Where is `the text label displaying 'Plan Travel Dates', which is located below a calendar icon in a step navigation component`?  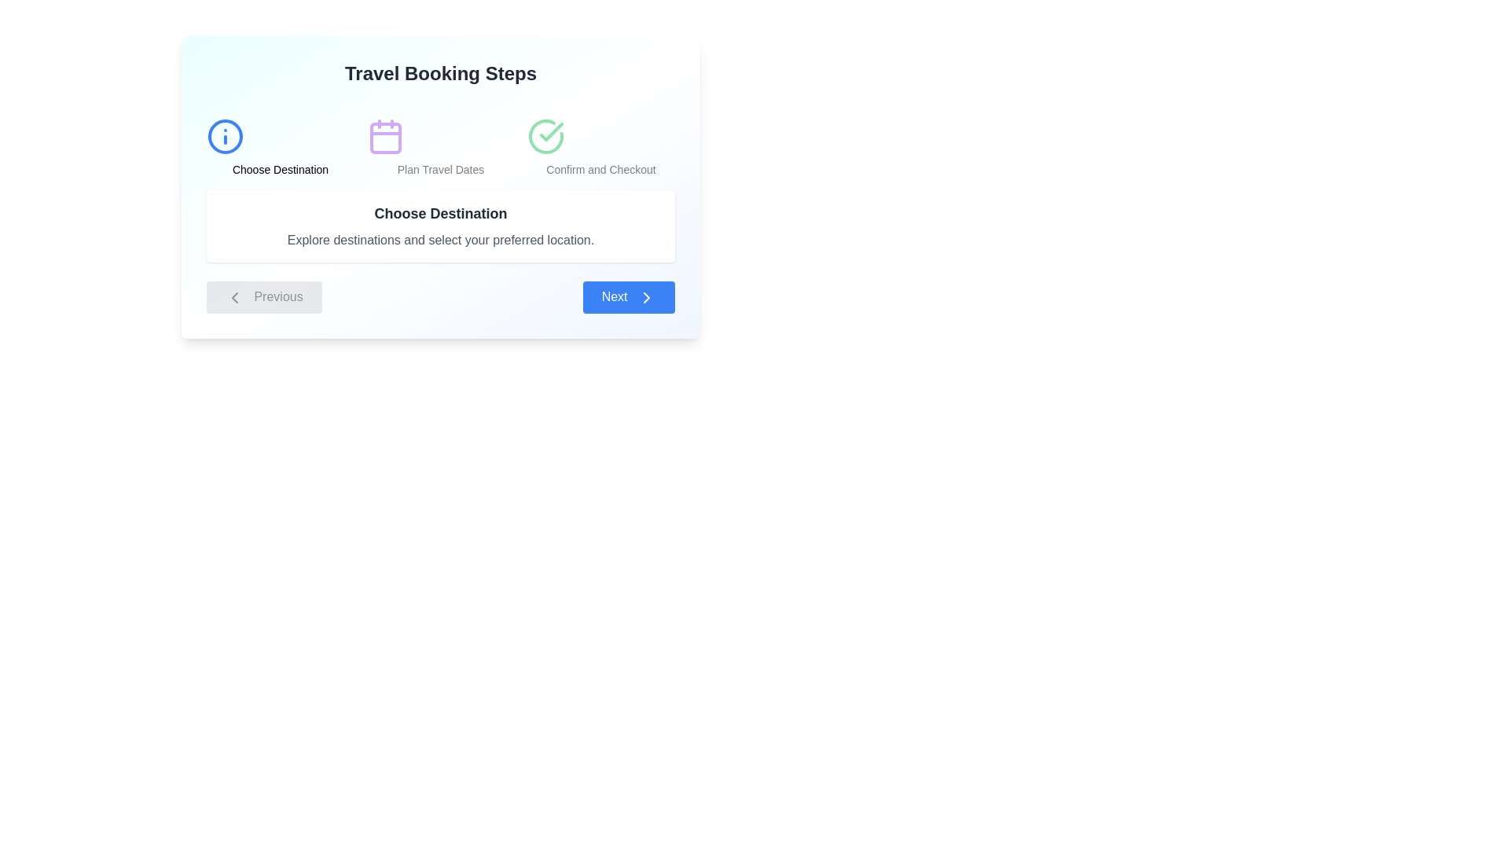
the text label displaying 'Plan Travel Dates', which is located below a calendar icon in a step navigation component is located at coordinates (440, 170).